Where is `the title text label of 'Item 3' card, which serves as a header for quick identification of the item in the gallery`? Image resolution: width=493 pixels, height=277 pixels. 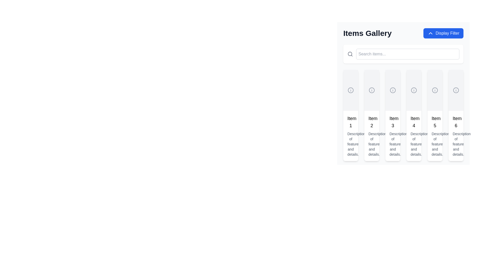
the title text label of 'Item 3' card, which serves as a header for quick identification of the item in the gallery is located at coordinates (393, 122).